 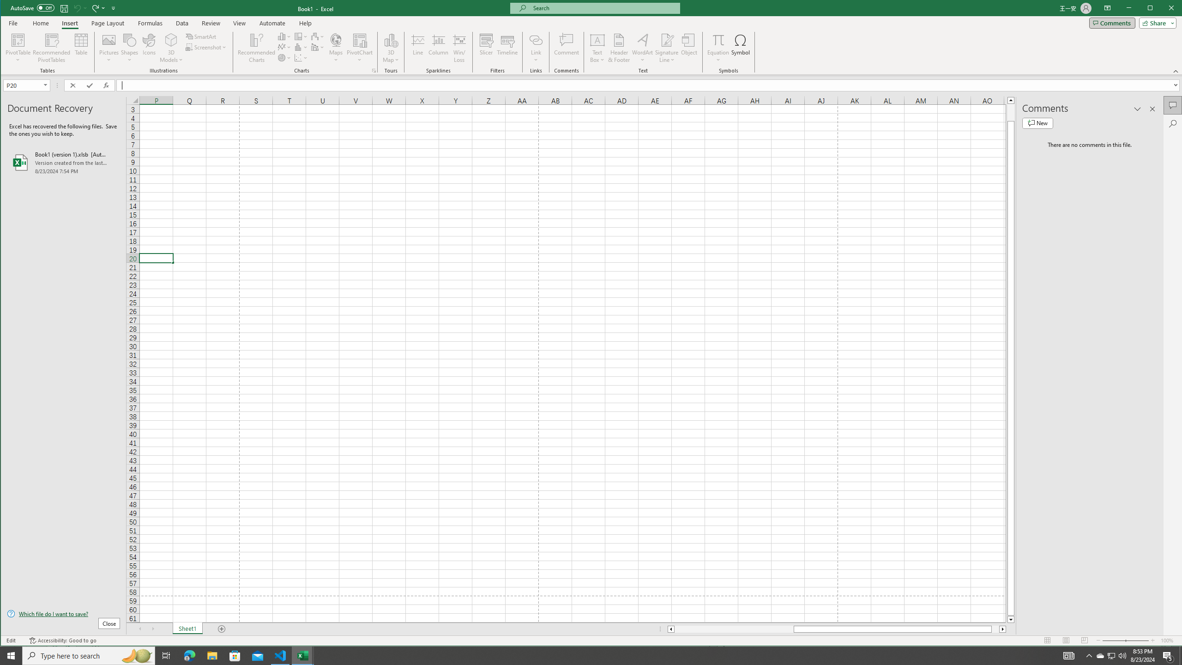 What do you see at coordinates (139, 629) in the screenshot?
I see `'Scroll Left'` at bounding box center [139, 629].